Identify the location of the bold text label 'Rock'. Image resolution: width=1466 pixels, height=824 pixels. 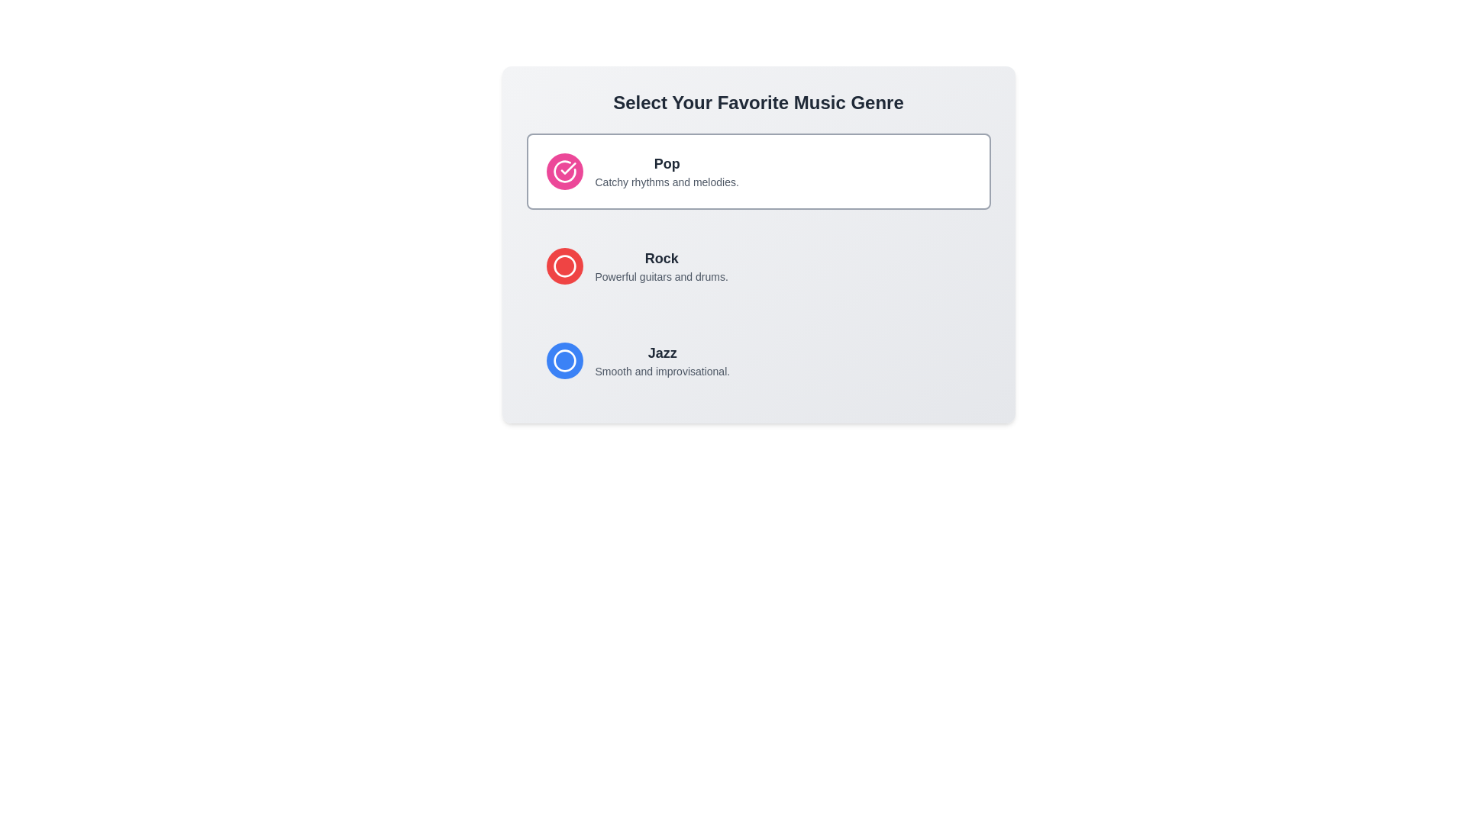
(661, 258).